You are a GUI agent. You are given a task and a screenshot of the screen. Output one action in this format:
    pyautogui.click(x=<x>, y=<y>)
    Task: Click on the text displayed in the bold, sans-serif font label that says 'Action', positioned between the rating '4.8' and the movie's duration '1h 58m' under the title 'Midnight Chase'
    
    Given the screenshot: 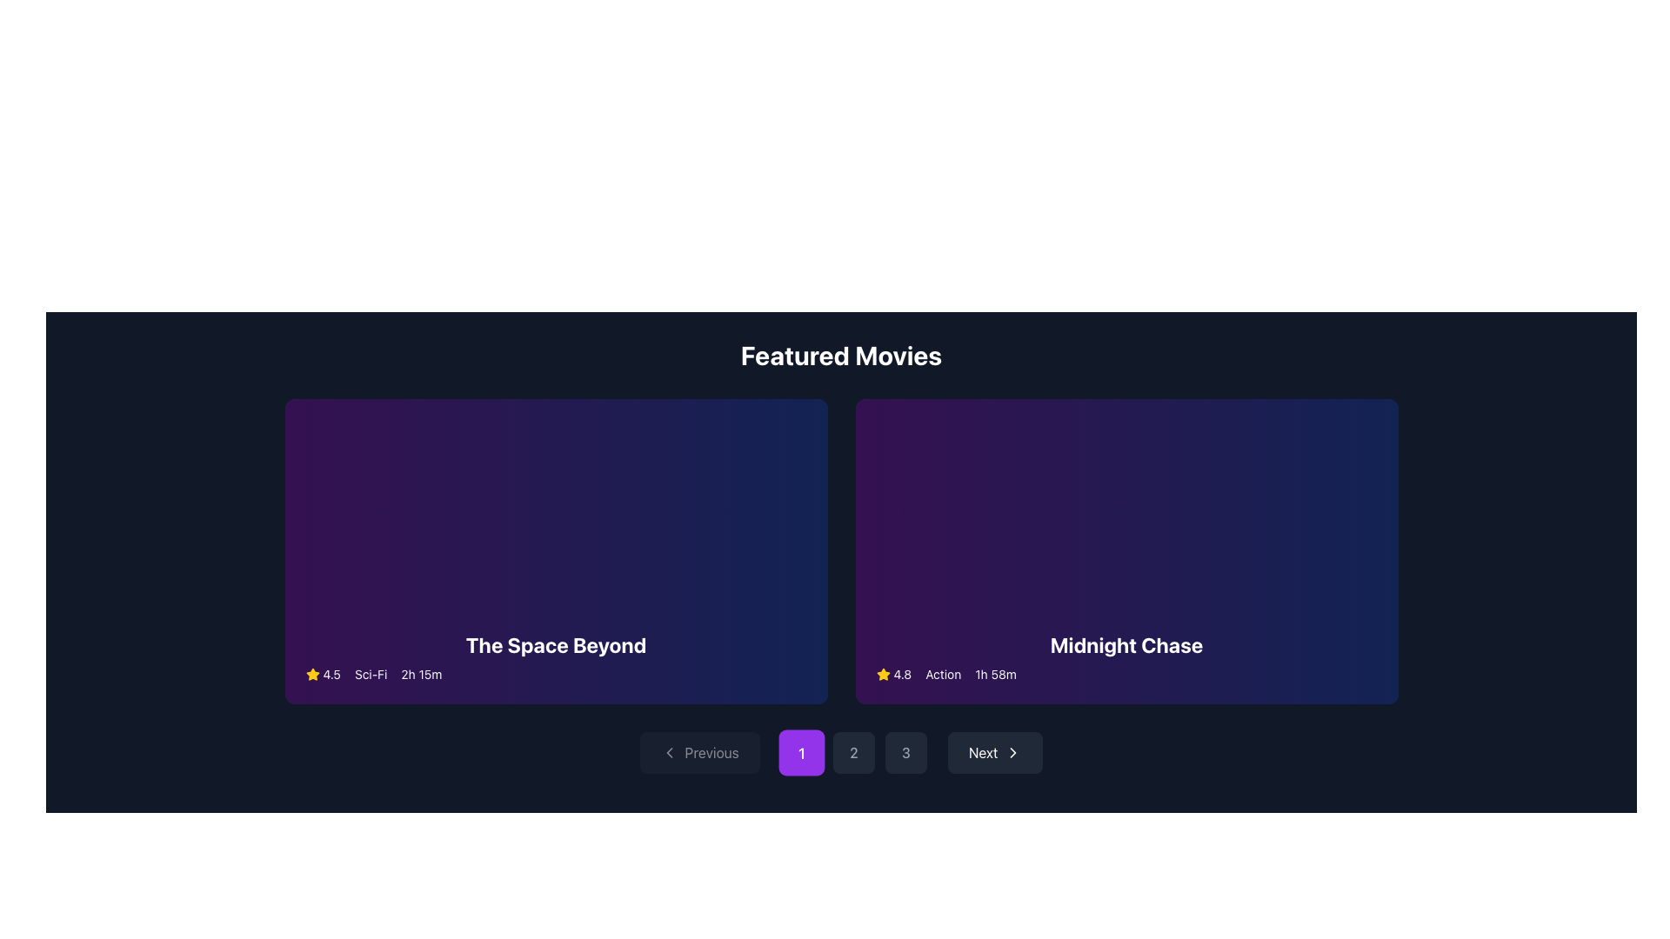 What is the action you would take?
    pyautogui.click(x=942, y=673)
    